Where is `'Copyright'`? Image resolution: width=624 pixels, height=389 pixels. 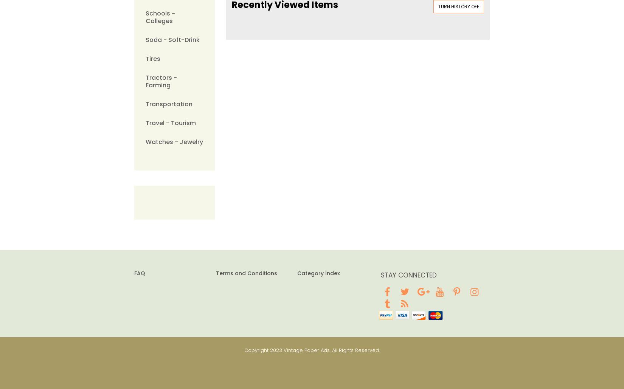 'Copyright' is located at coordinates (244, 350).